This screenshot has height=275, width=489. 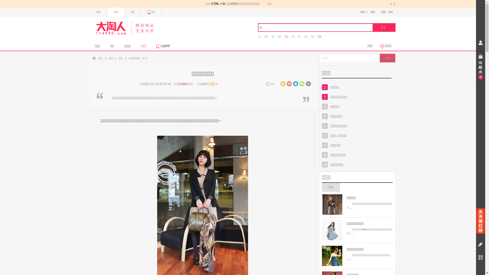 What do you see at coordinates (476, 66) in the screenshot?
I see `'0'` at bounding box center [476, 66].